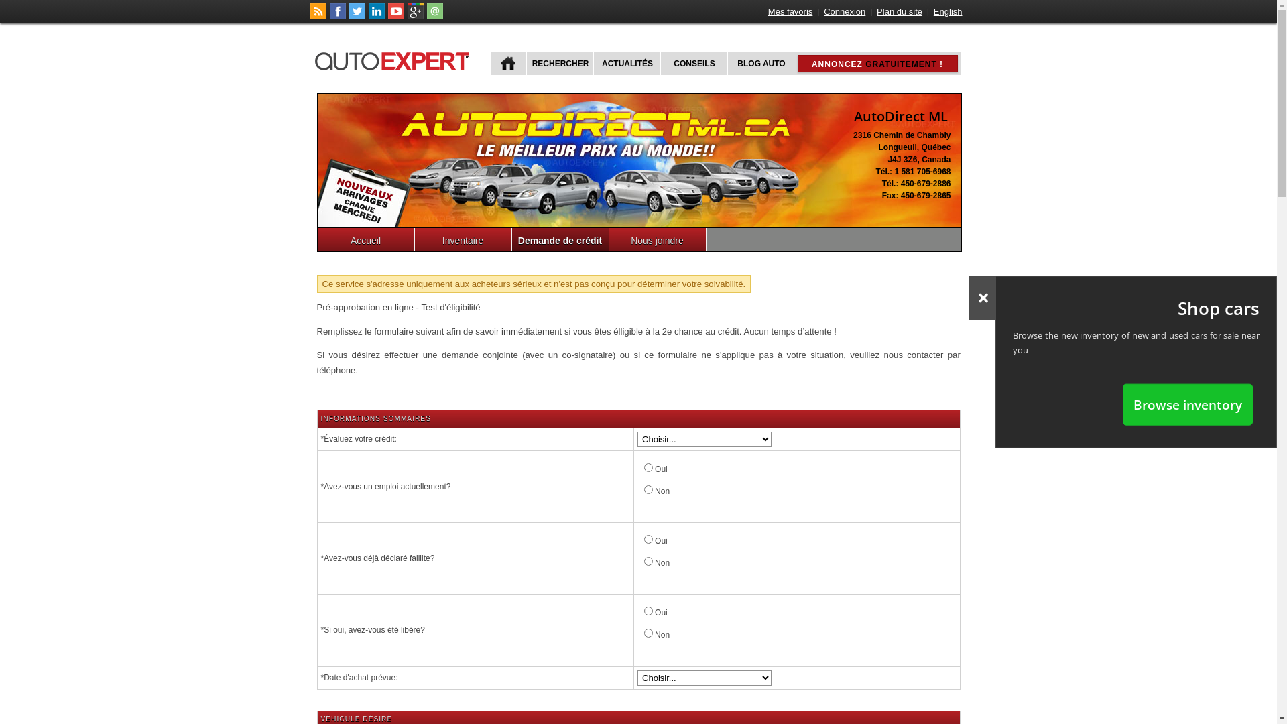 The height and width of the screenshot is (724, 1287). What do you see at coordinates (558, 63) in the screenshot?
I see `'RECHERCHER'` at bounding box center [558, 63].